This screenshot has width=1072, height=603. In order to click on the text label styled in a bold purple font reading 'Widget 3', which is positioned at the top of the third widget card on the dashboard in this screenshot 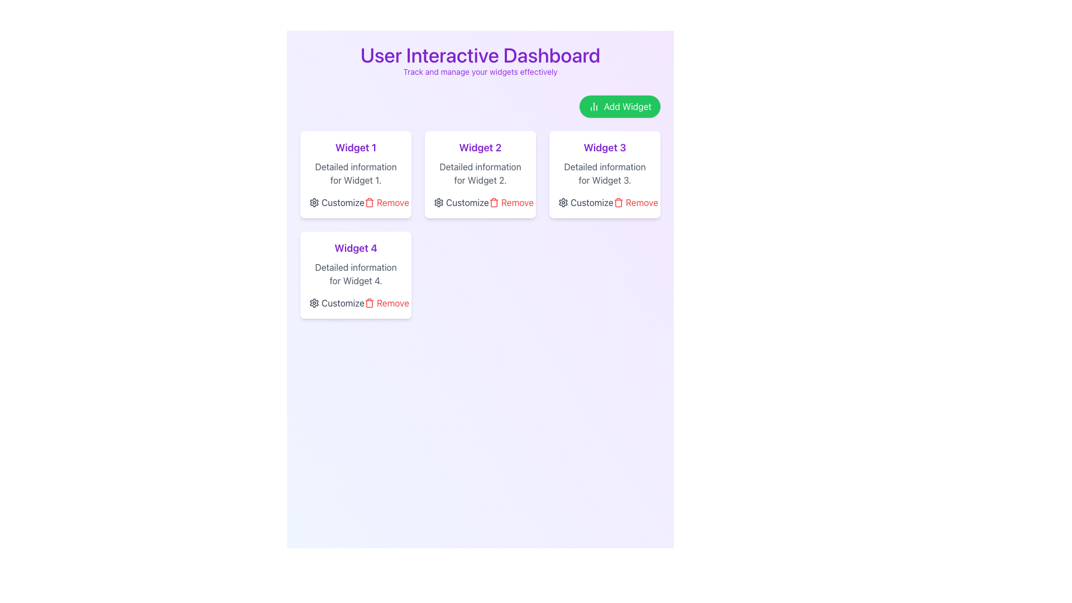, I will do `click(604, 147)`.